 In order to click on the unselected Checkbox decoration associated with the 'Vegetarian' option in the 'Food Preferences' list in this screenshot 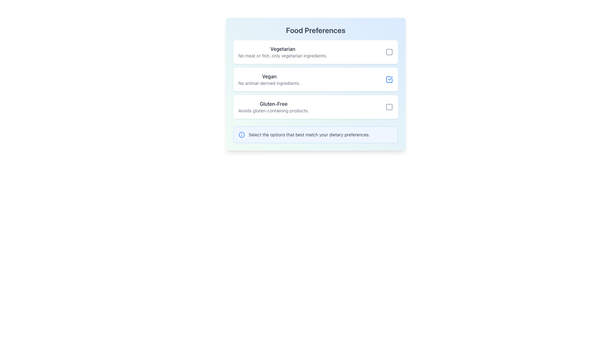, I will do `click(389, 51)`.